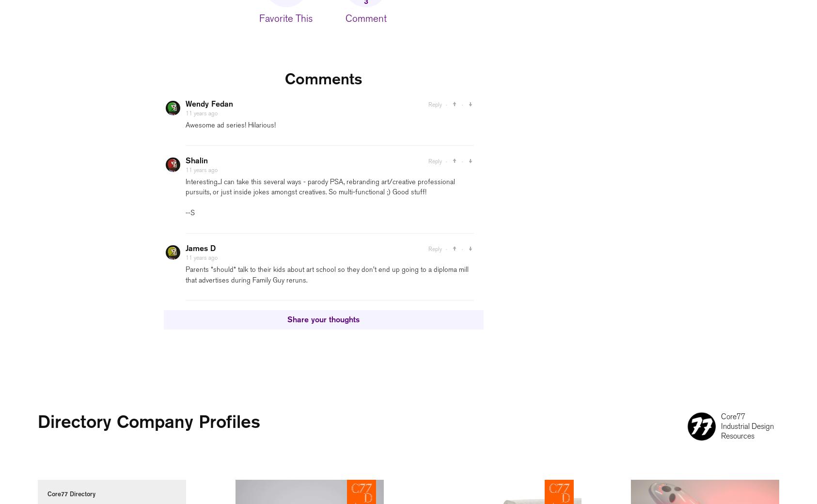 The height and width of the screenshot is (504, 817). I want to click on 'Share your thoughts', so click(323, 319).